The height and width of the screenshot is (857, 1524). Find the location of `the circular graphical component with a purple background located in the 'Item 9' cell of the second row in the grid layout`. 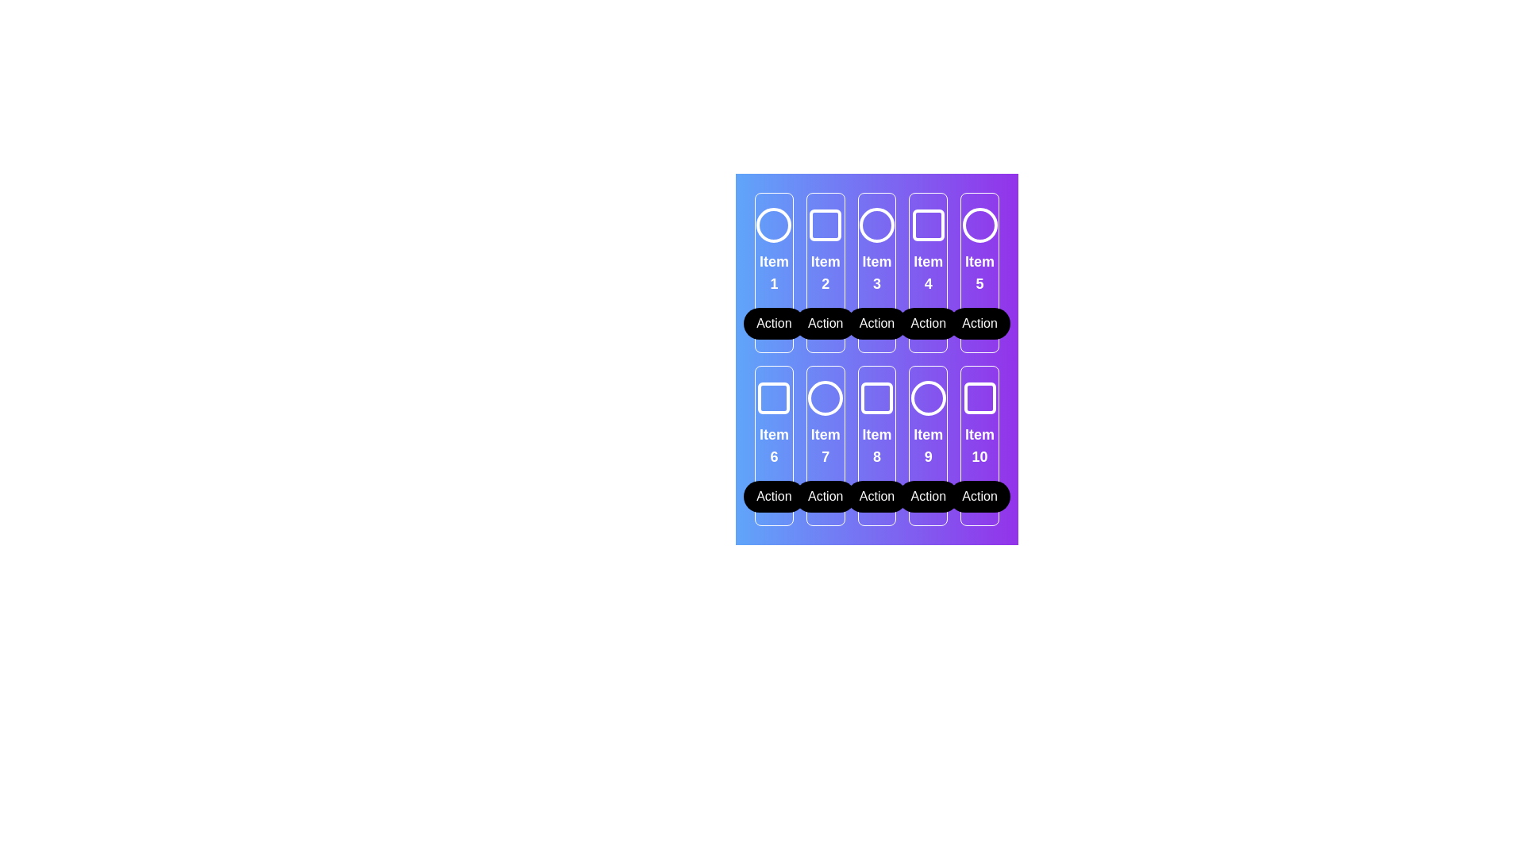

the circular graphical component with a purple background located in the 'Item 9' cell of the second row in the grid layout is located at coordinates (928, 397).